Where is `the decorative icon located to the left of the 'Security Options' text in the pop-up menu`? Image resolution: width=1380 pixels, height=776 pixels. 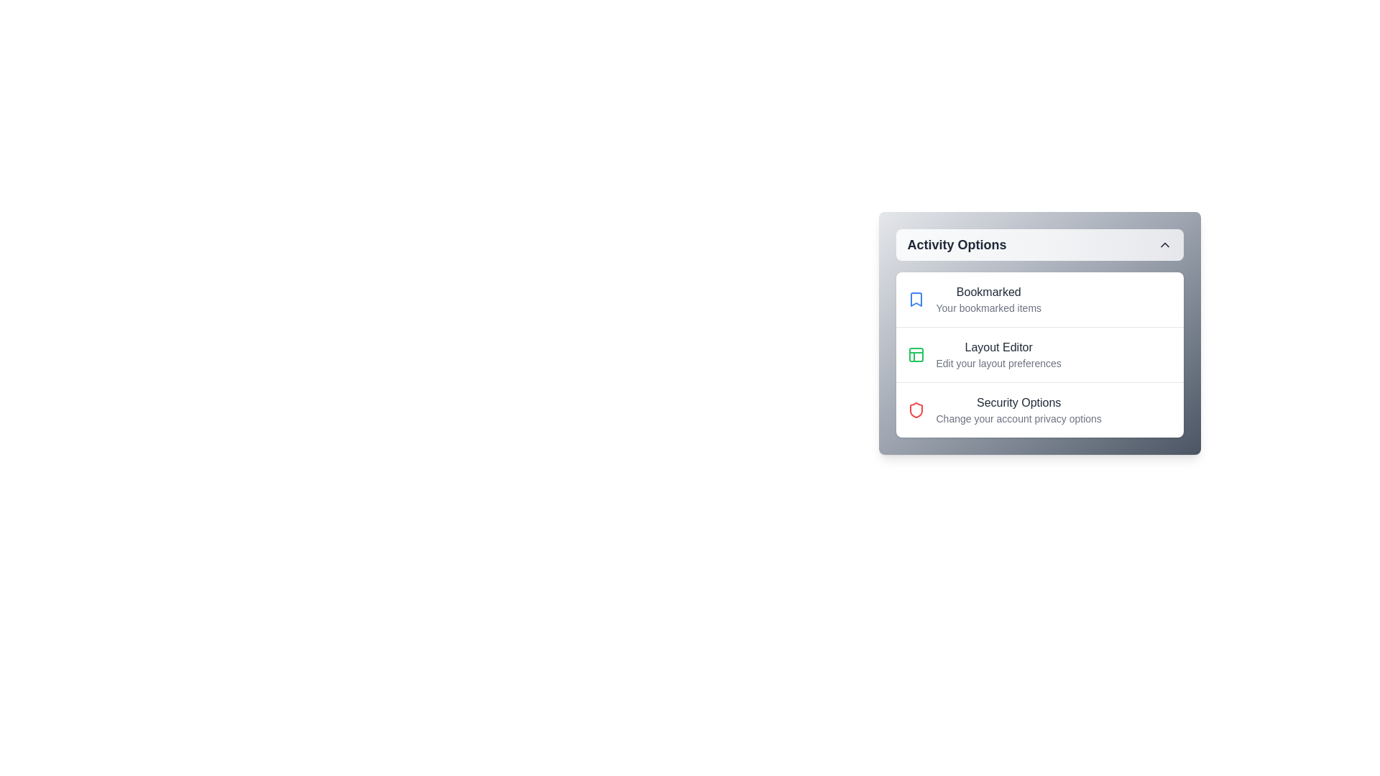
the decorative icon located to the left of the 'Security Options' text in the pop-up menu is located at coordinates (915, 410).